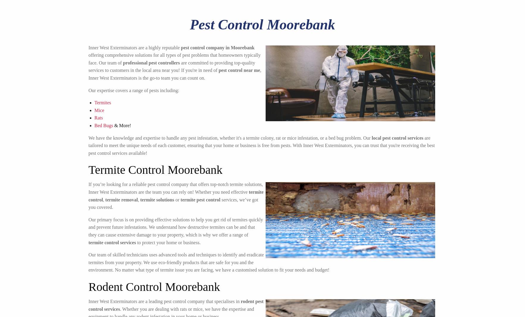  I want to click on 'termite pest control', so click(180, 199).